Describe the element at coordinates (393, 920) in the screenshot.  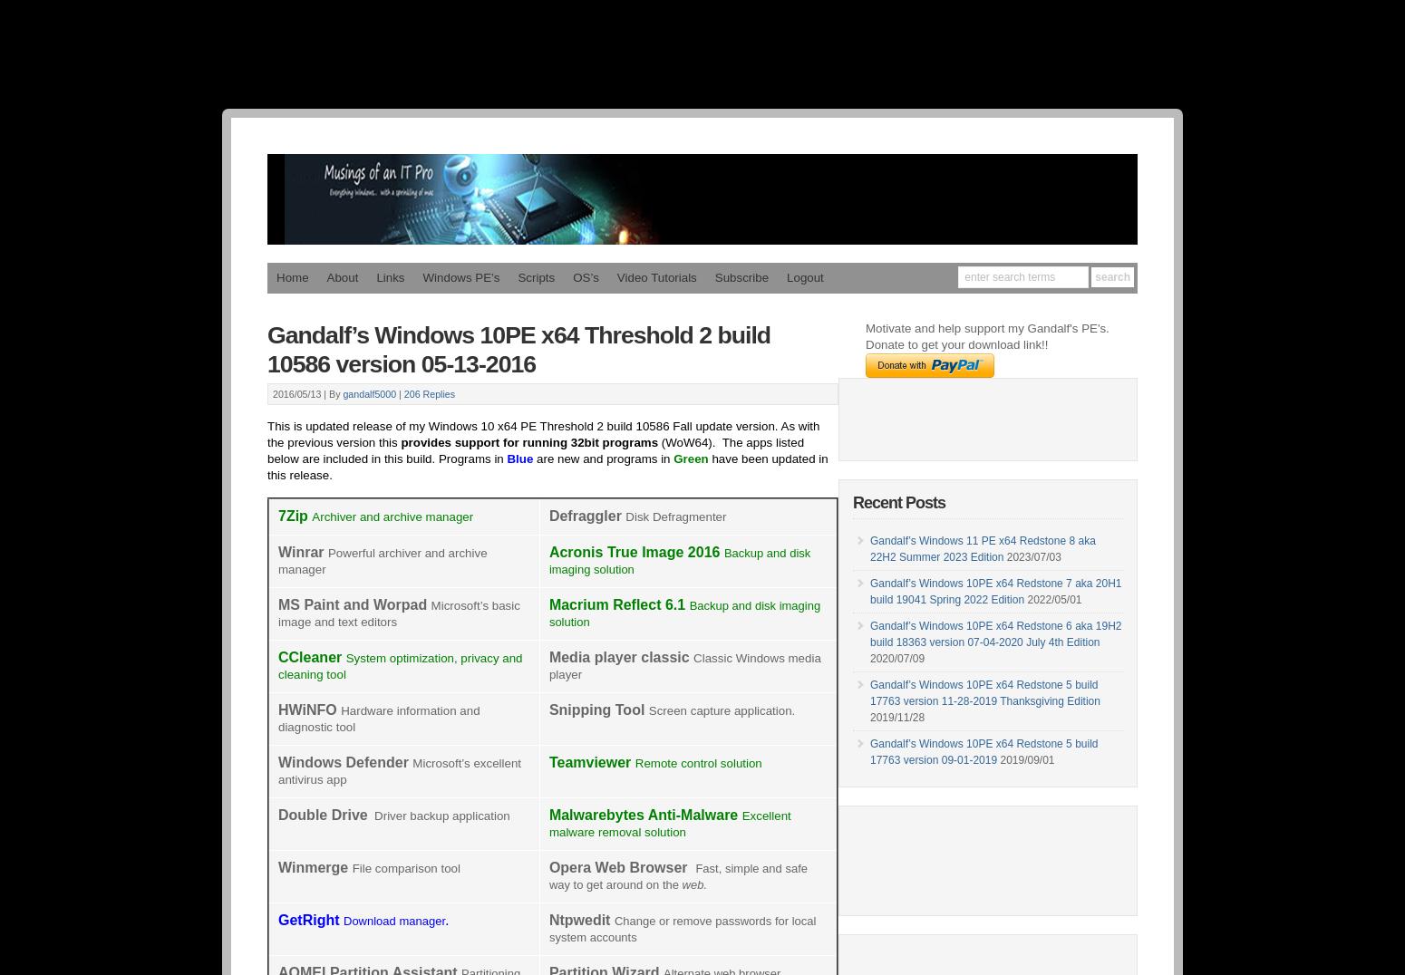
I see `'Download manager'` at that location.